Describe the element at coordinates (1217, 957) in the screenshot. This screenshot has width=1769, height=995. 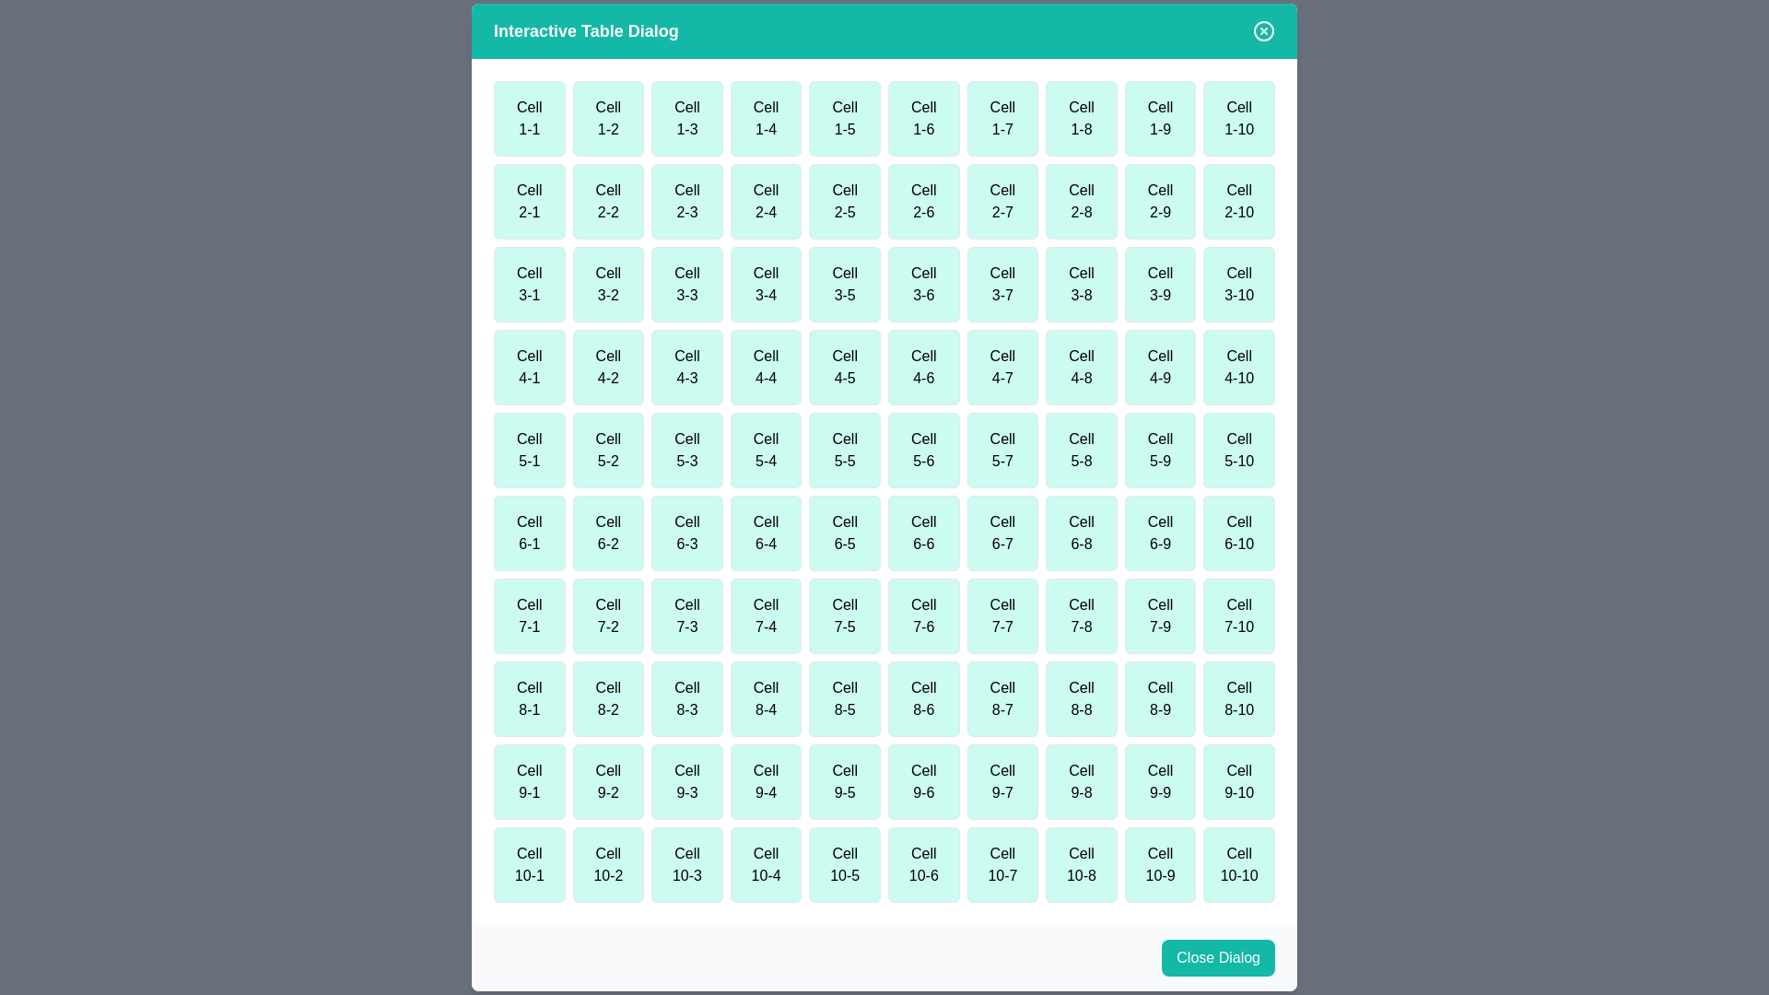
I see `the 'Close Dialog' button to close the dialog` at that location.